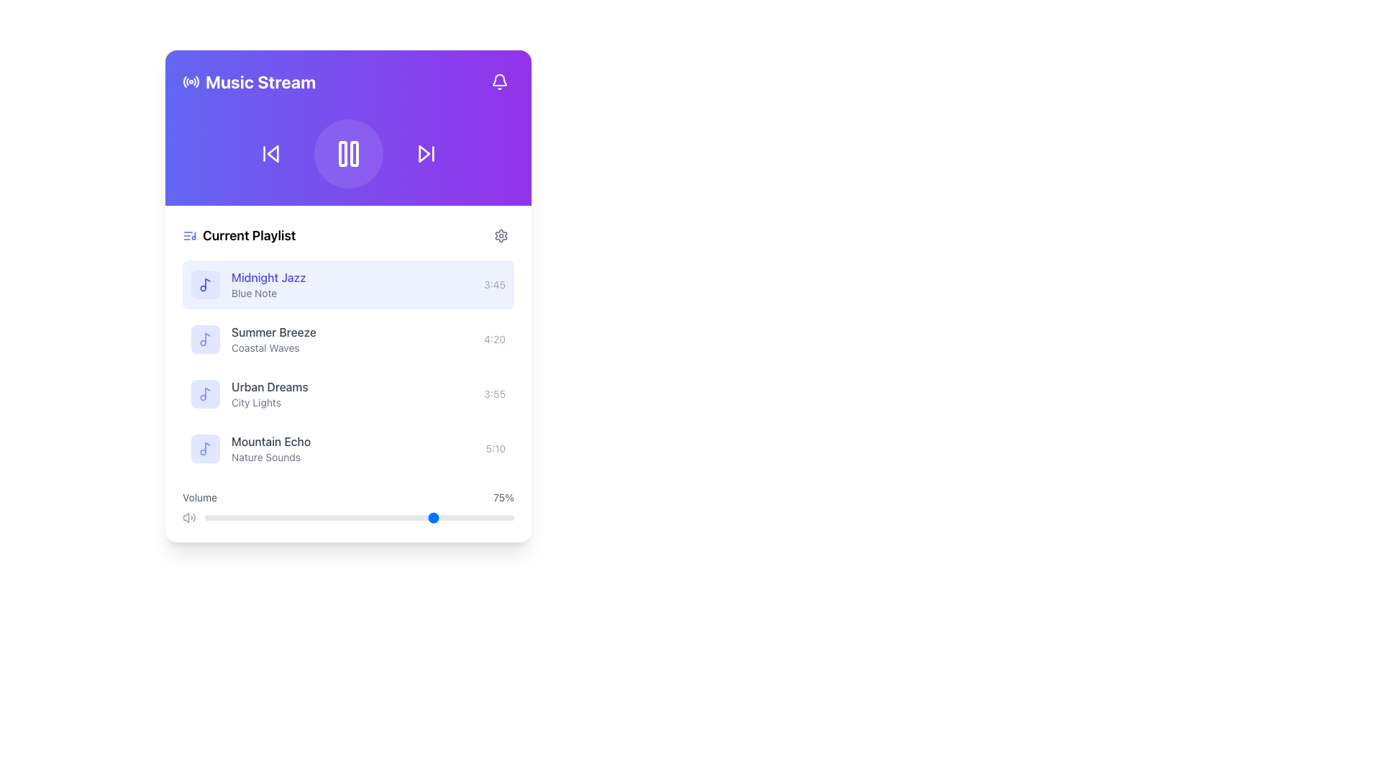 This screenshot has height=777, width=1381. Describe the element at coordinates (501, 235) in the screenshot. I see `the circular gear icon button styled in gray, located to the right of the 'Current Playlist' label` at that location.